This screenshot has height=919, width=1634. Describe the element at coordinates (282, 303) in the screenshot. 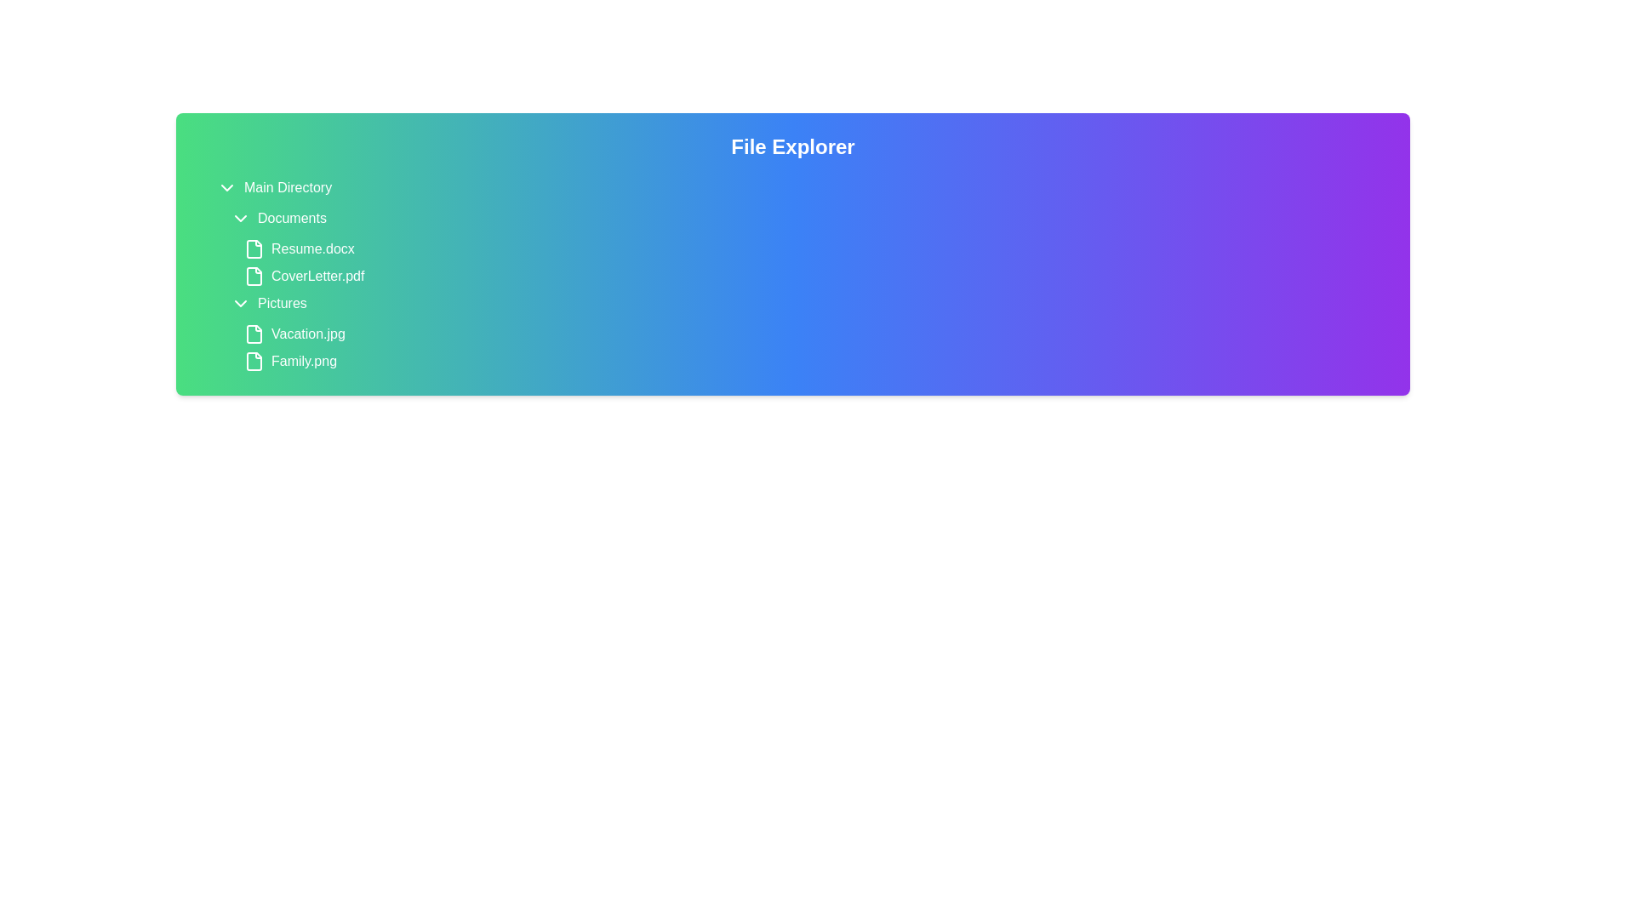

I see `the 'Pictures' text label in the file explorer to identify the directory` at that location.